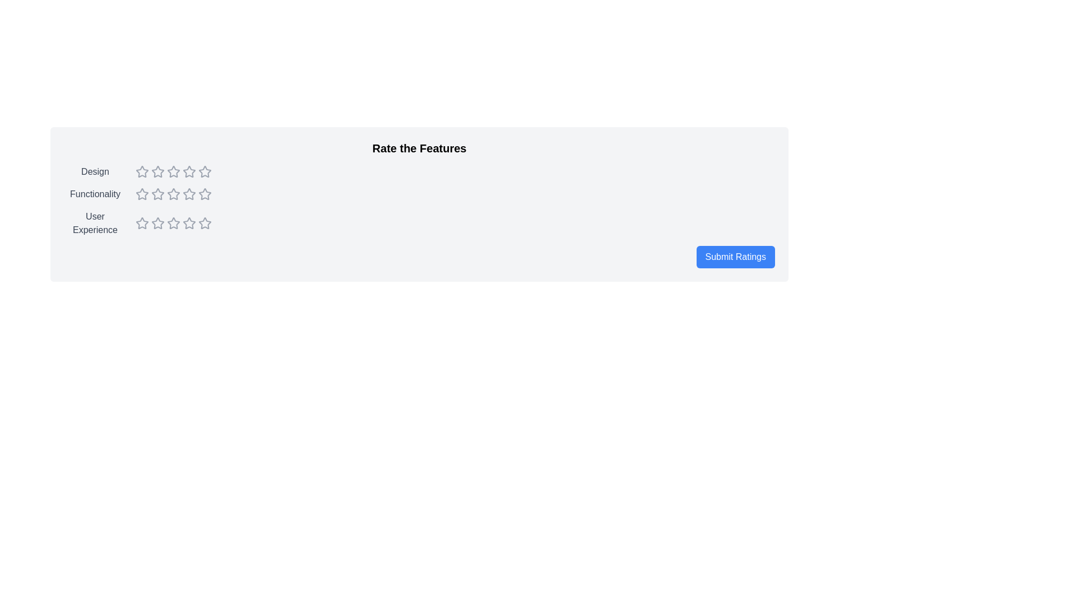 This screenshot has width=1076, height=605. Describe the element at coordinates (173, 194) in the screenshot. I see `the fourth star in the 'Functionality' rating section to assign a rating` at that location.